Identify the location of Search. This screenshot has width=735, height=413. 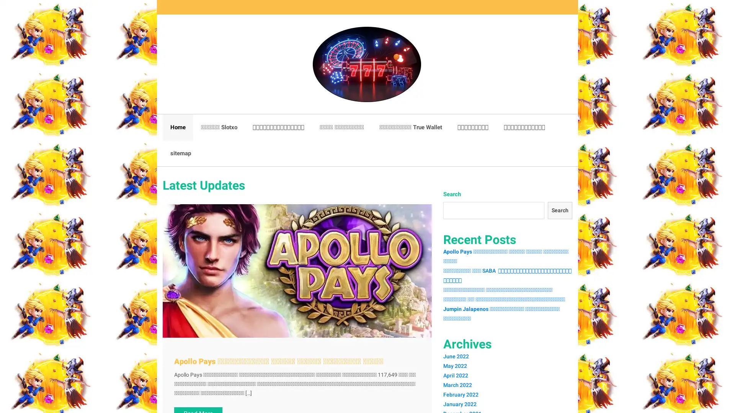
(559, 210).